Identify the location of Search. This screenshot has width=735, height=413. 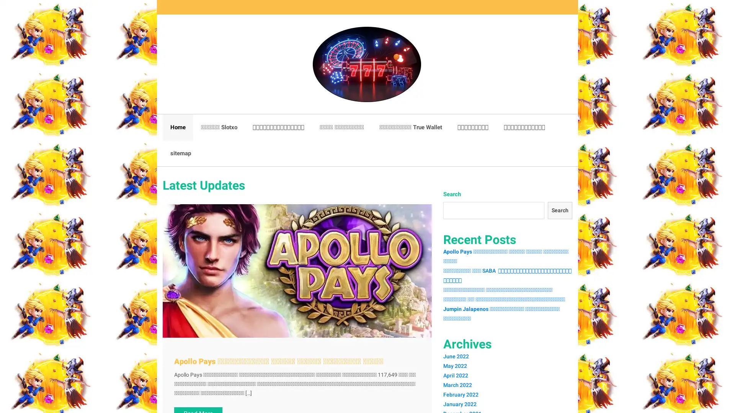
(559, 210).